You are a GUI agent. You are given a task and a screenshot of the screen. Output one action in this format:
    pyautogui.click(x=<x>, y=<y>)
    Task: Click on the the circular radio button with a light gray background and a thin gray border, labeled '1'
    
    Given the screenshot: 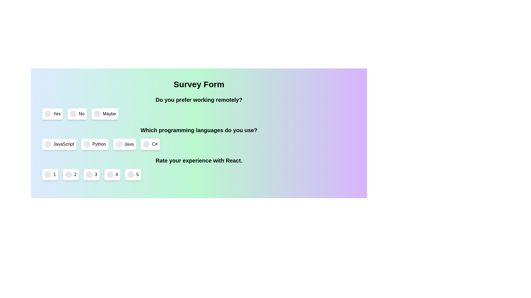 What is the action you would take?
    pyautogui.click(x=48, y=174)
    